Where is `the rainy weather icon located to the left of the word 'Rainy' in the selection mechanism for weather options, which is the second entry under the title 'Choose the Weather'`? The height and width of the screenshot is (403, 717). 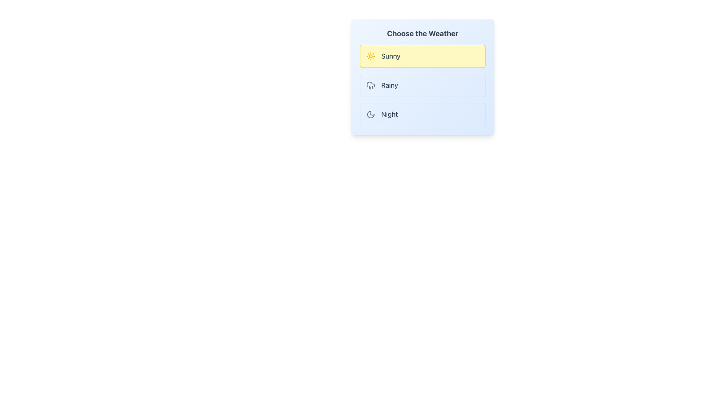
the rainy weather icon located to the left of the word 'Rainy' in the selection mechanism for weather options, which is the second entry under the title 'Choose the Weather' is located at coordinates (371, 85).